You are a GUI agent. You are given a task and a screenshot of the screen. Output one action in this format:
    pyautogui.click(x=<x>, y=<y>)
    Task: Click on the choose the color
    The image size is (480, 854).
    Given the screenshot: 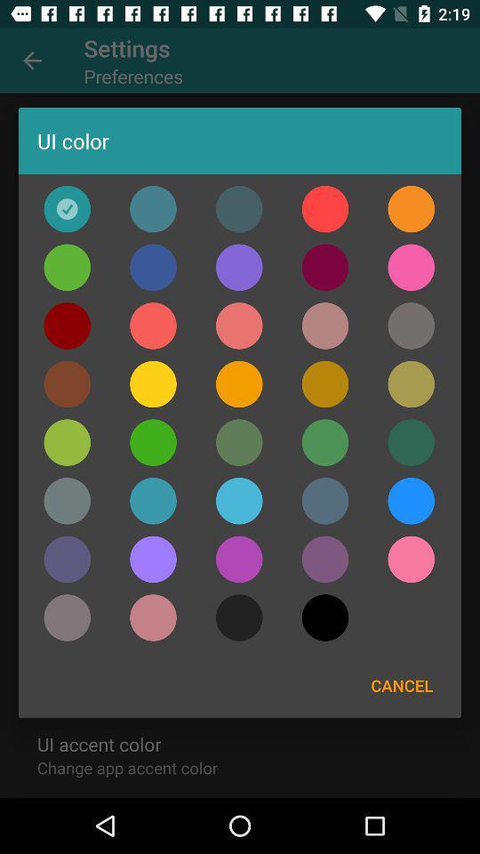 What is the action you would take?
    pyautogui.click(x=153, y=558)
    